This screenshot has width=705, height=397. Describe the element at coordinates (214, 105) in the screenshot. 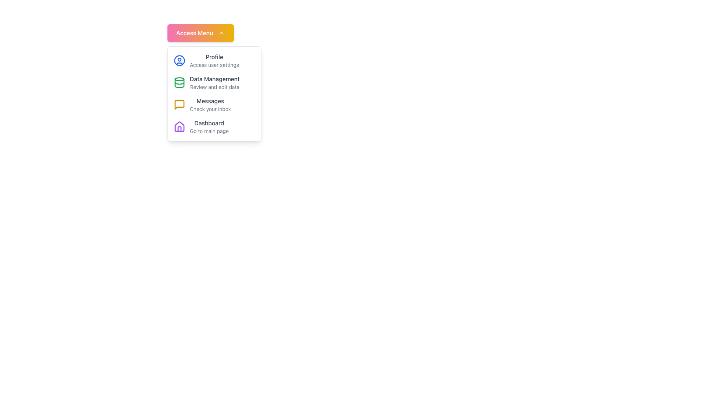

I see `the third item in the vertical menu list that indicates user messages or inbox functionality` at that location.